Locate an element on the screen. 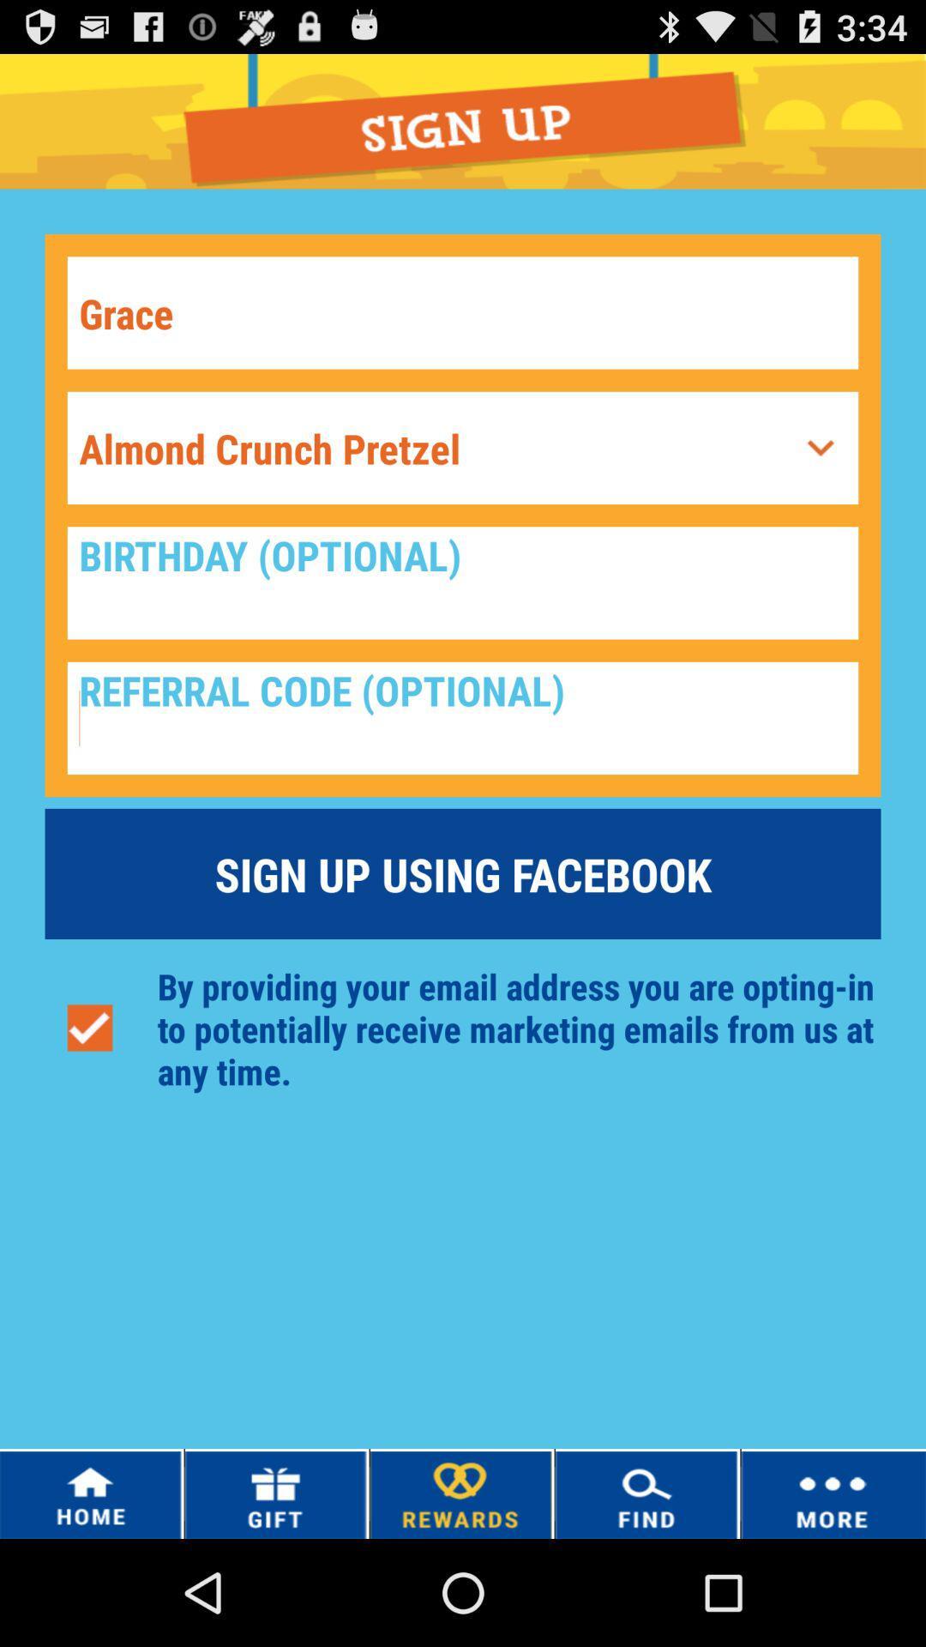 Image resolution: width=926 pixels, height=1647 pixels. the option rewards is located at coordinates (460, 1493).